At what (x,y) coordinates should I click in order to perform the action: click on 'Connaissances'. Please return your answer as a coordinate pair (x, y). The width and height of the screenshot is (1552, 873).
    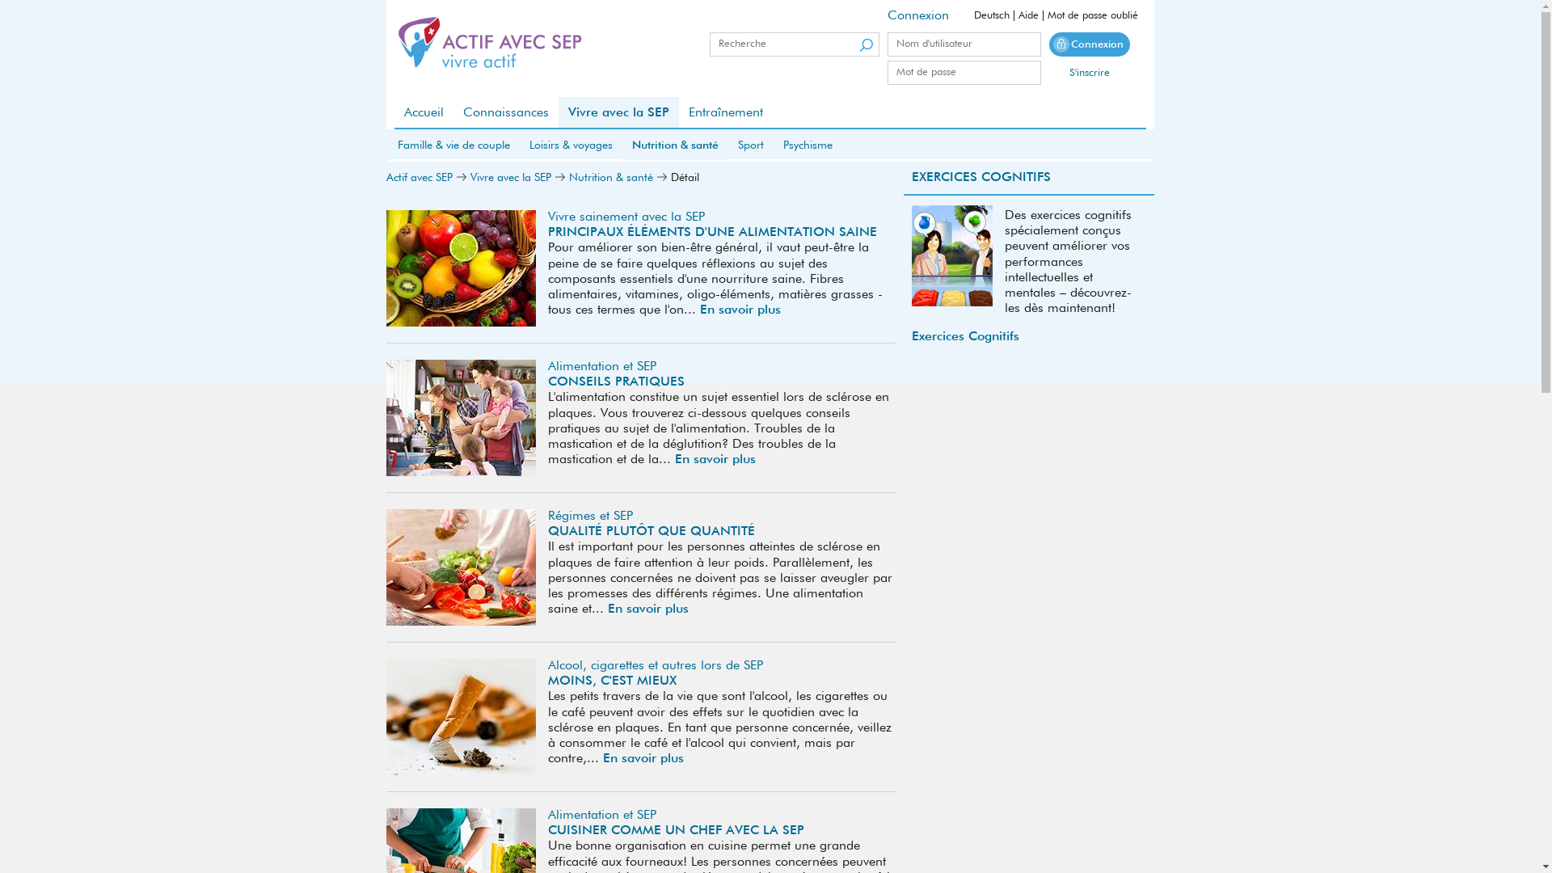
    Looking at the image, I should click on (504, 112).